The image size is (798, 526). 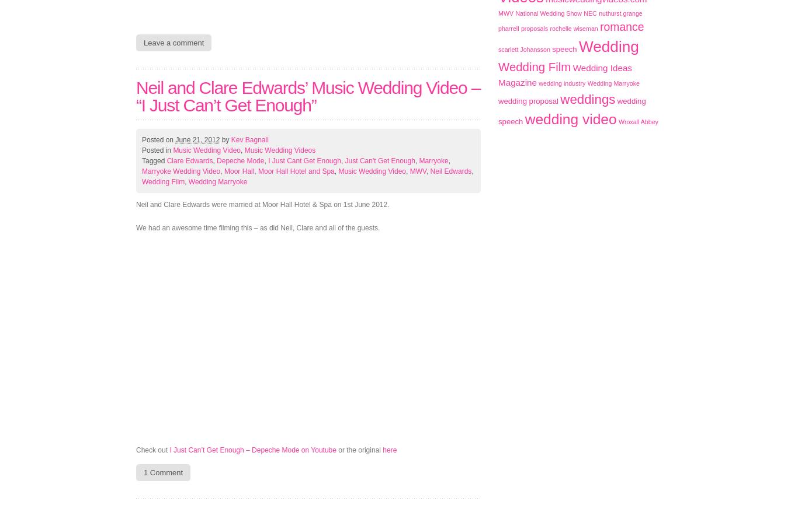 I want to click on 'National Wedding Show', so click(x=548, y=13).